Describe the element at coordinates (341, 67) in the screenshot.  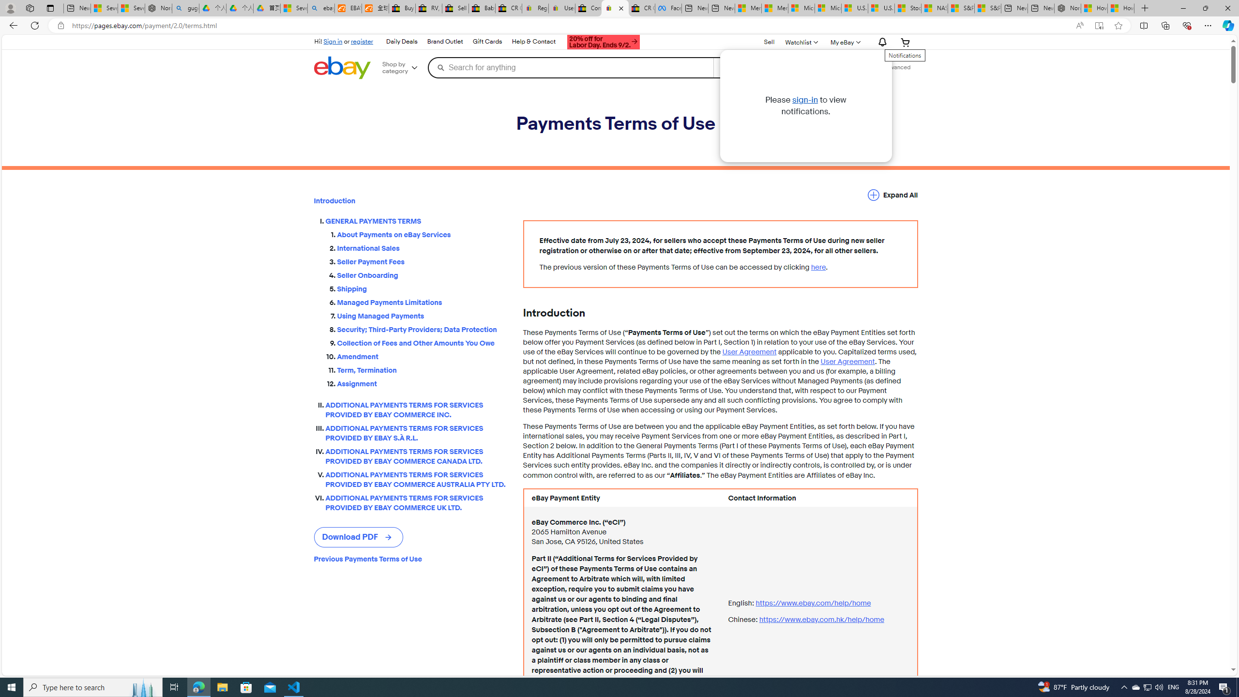
I see `'eBay Home'` at that location.